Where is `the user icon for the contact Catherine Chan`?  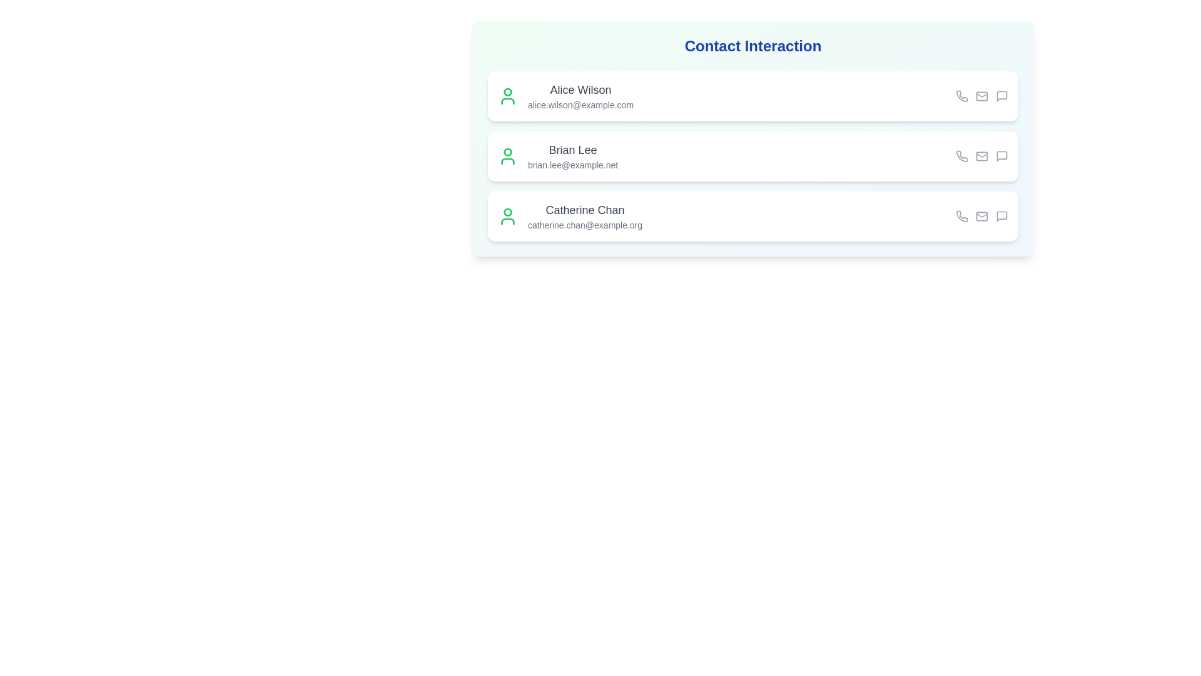
the user icon for the contact Catherine Chan is located at coordinates (507, 216).